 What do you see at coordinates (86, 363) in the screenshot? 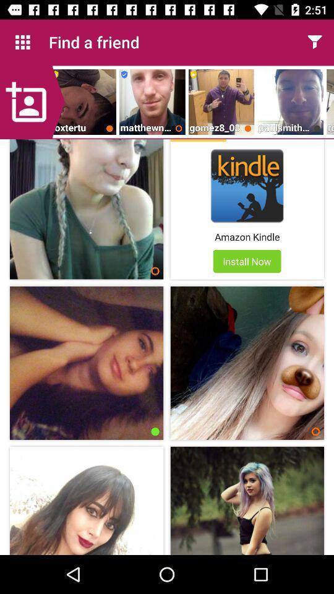
I see `the second row first image` at bounding box center [86, 363].